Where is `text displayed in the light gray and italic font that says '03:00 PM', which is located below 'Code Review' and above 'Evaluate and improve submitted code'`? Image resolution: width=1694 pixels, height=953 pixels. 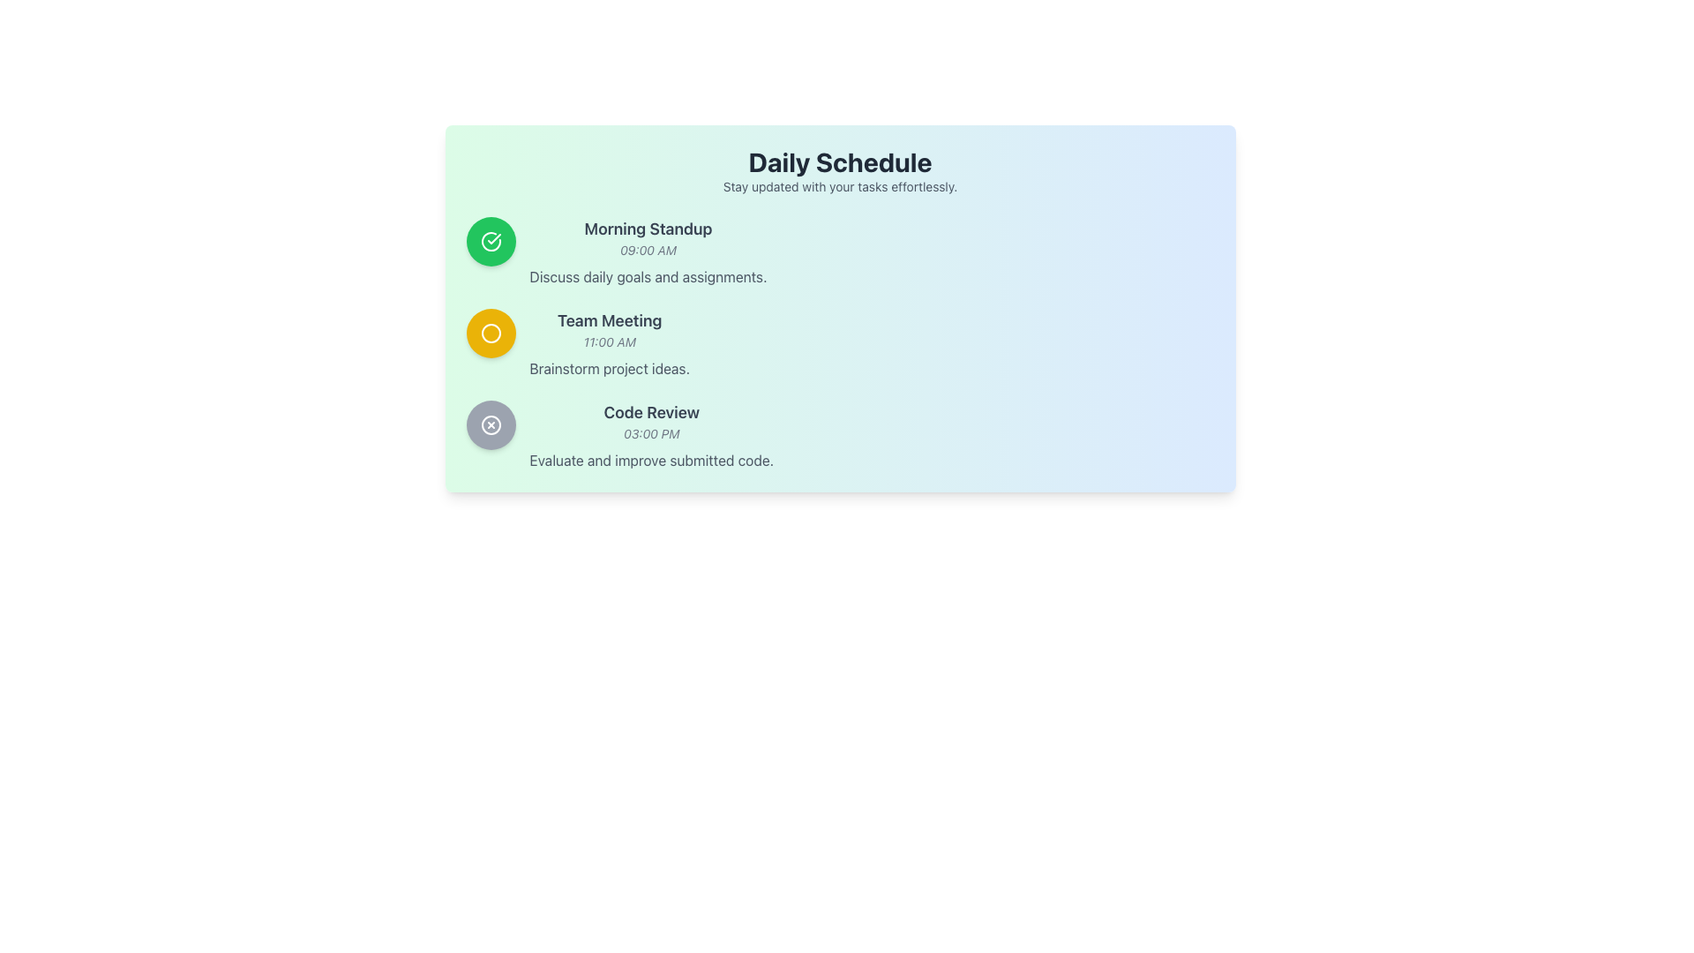 text displayed in the light gray and italic font that says '03:00 PM', which is located below 'Code Review' and above 'Evaluate and improve submitted code' is located at coordinates (650, 434).